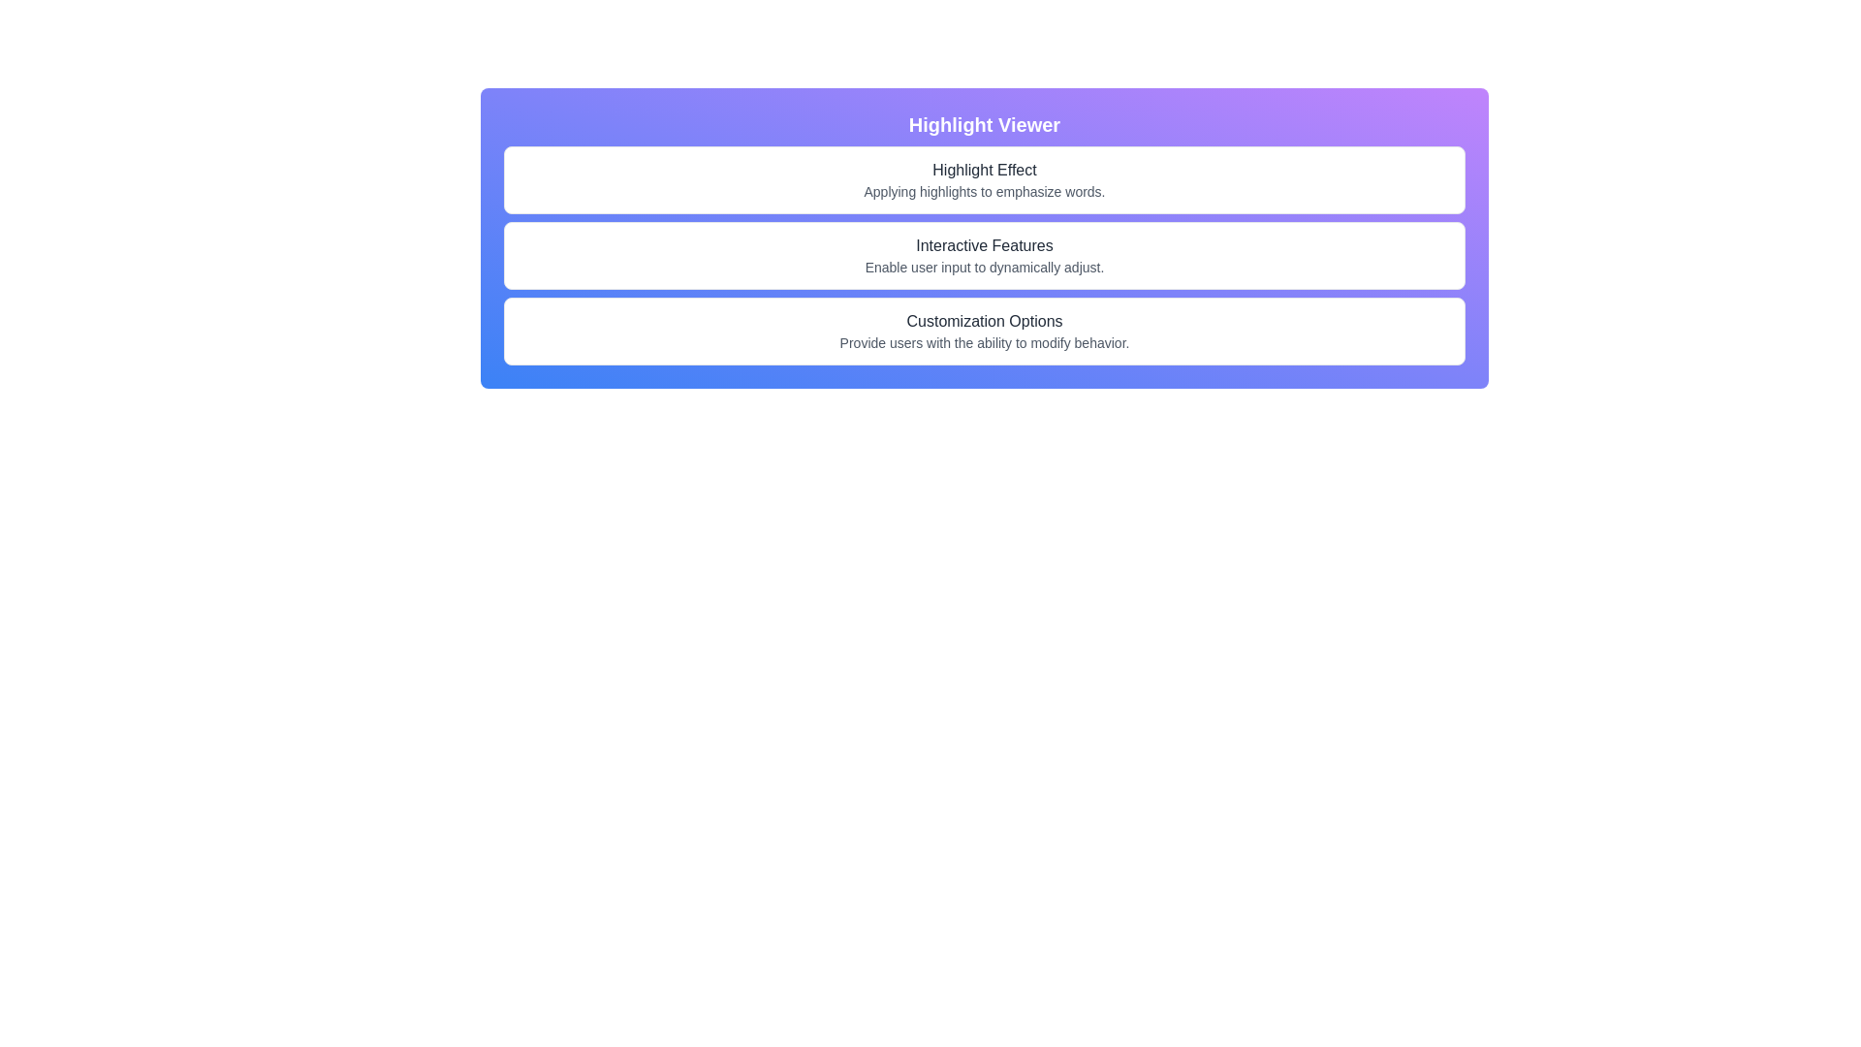 The width and height of the screenshot is (1861, 1047). What do you see at coordinates (945, 169) in the screenshot?
I see `the text 'Highlight Effect', specifically the second 'i' in 'Highlight'` at bounding box center [945, 169].